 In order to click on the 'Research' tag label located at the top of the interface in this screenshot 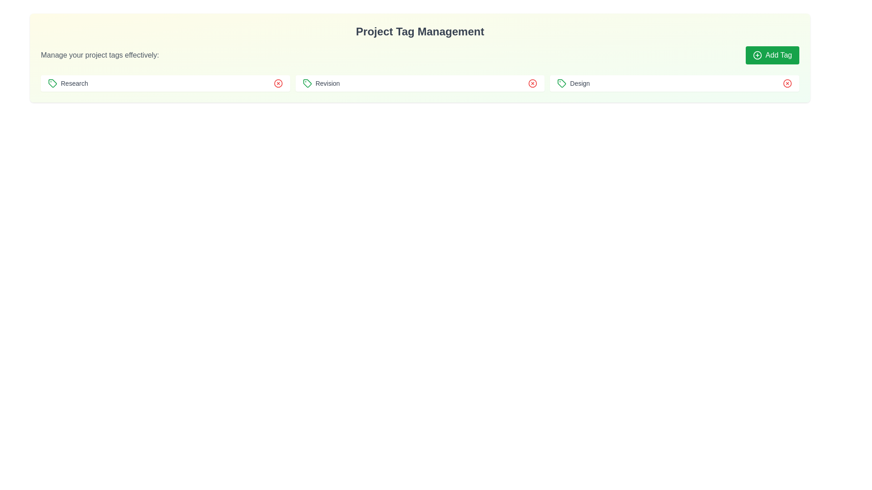, I will do `click(67, 83)`.